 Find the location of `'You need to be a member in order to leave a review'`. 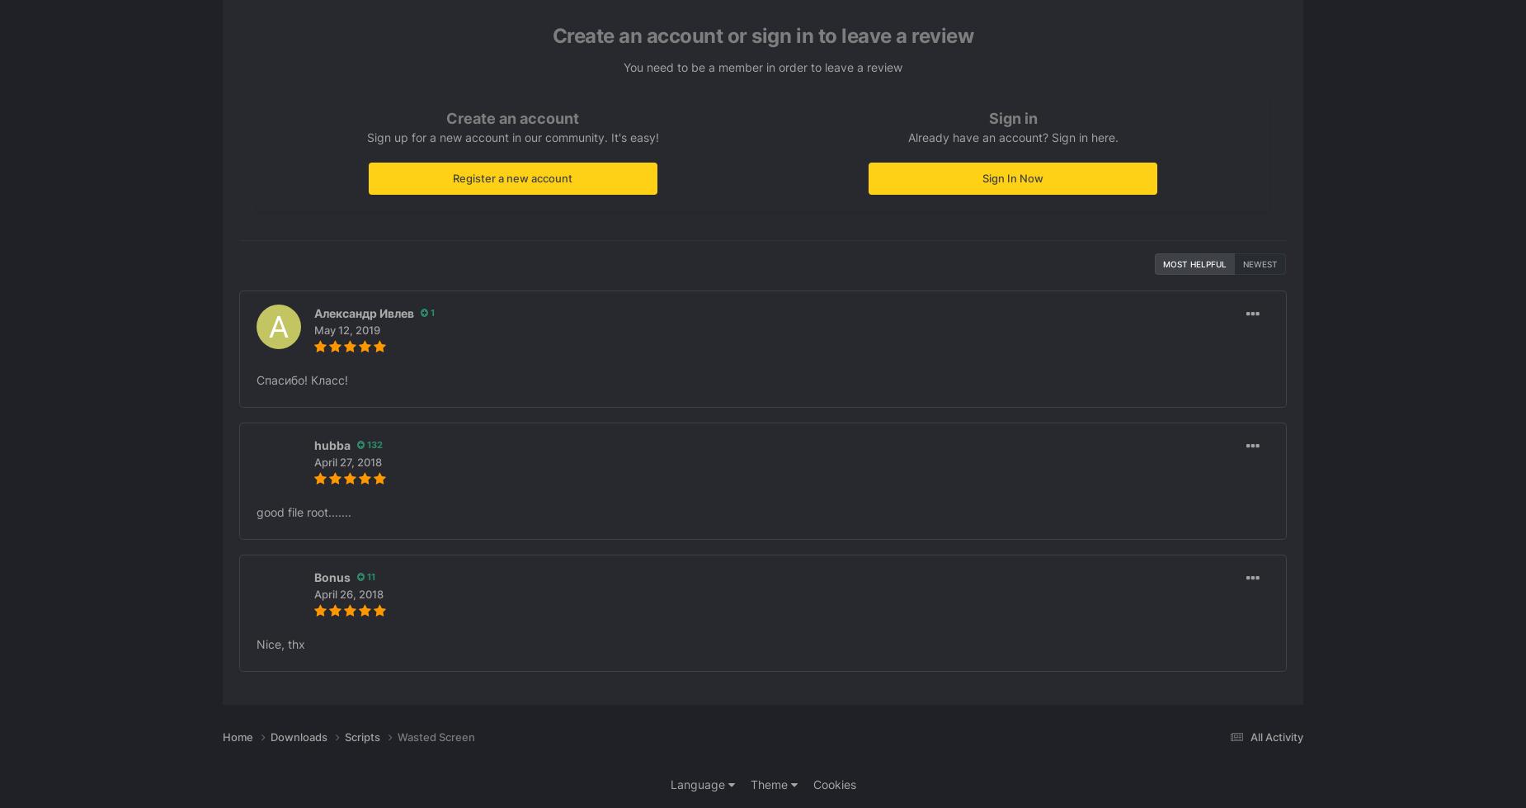

'You need to be a member in order to leave a review' is located at coordinates (763, 66).